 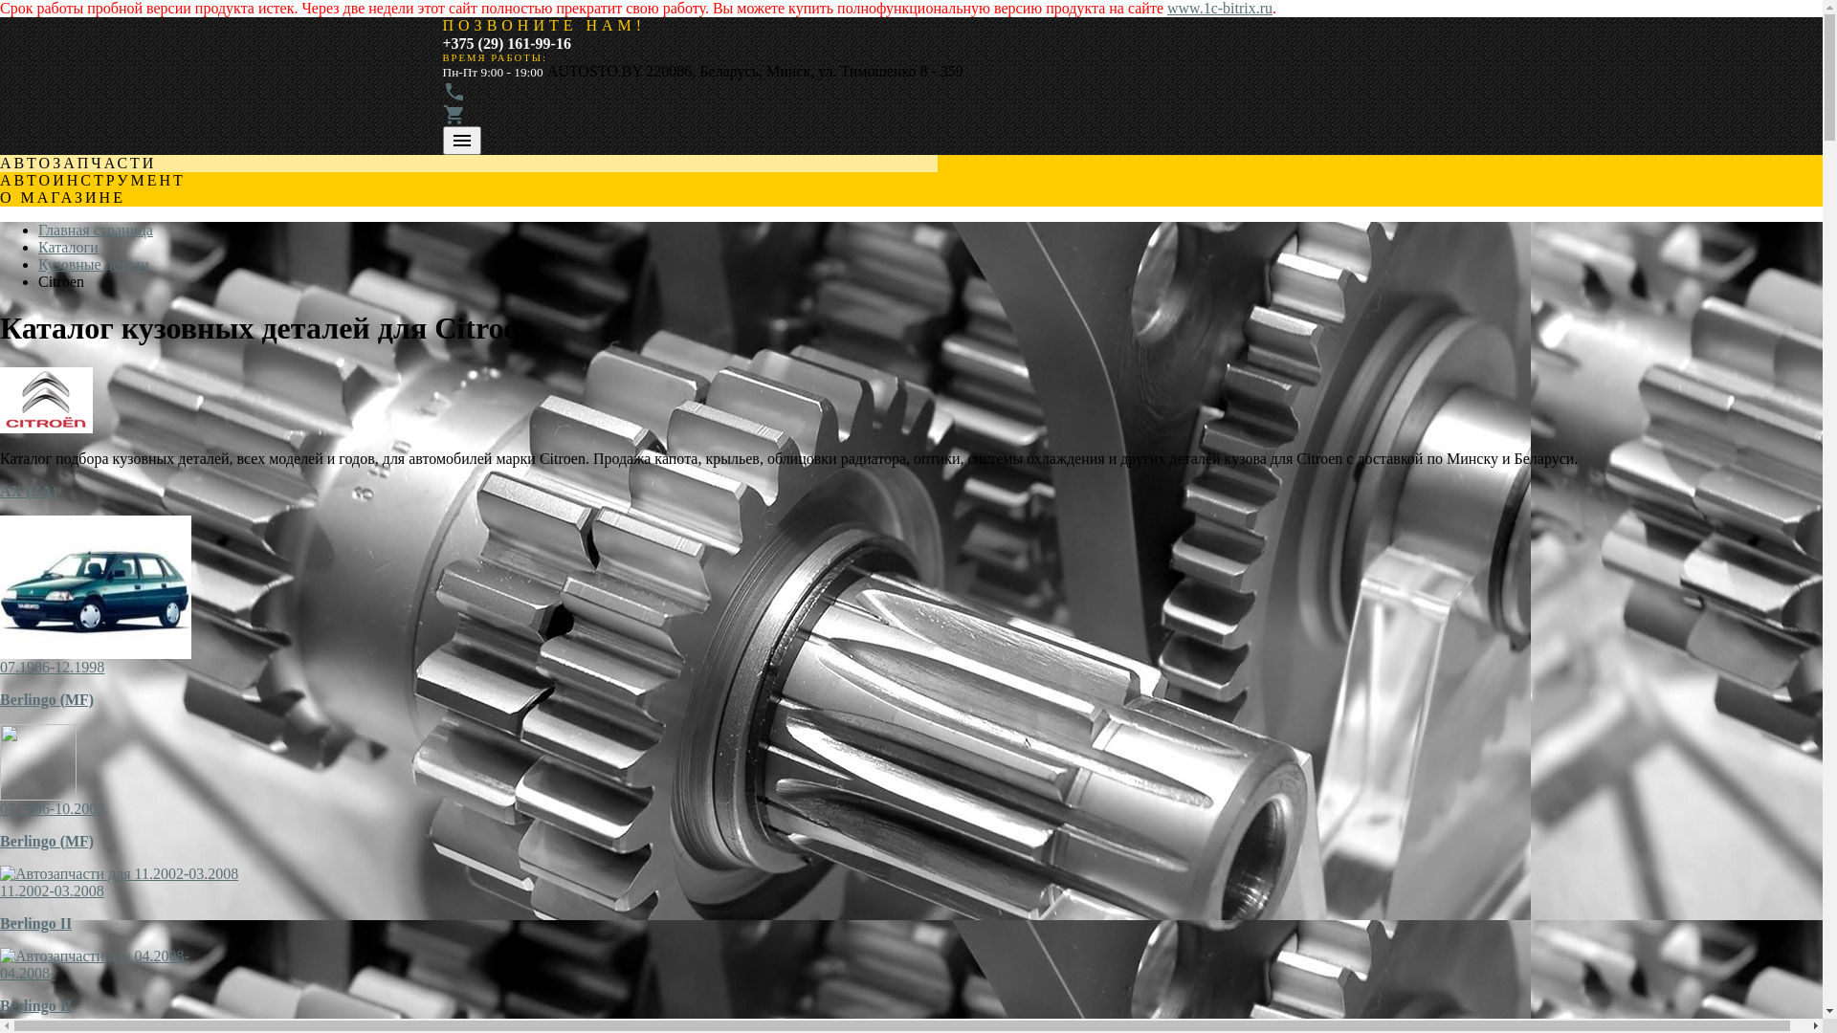 I want to click on 'Berlingo II', so click(x=35, y=922).